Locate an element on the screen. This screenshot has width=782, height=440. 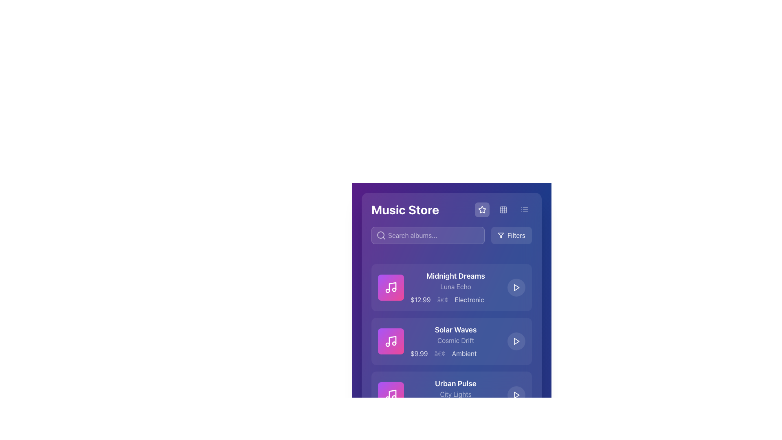
the central circular part of the search icon located inside the magnifying glass representation in the search bar is located at coordinates (380, 235).